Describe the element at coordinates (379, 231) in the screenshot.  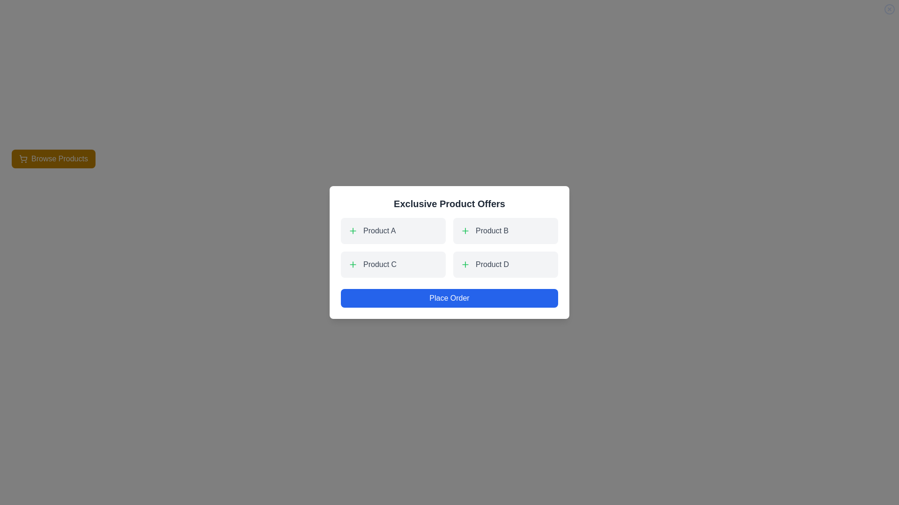
I see `the text label displaying 'Product A' which is styled with a gray font color and positioned towards the left side of the element cluster in the popup interface` at that location.